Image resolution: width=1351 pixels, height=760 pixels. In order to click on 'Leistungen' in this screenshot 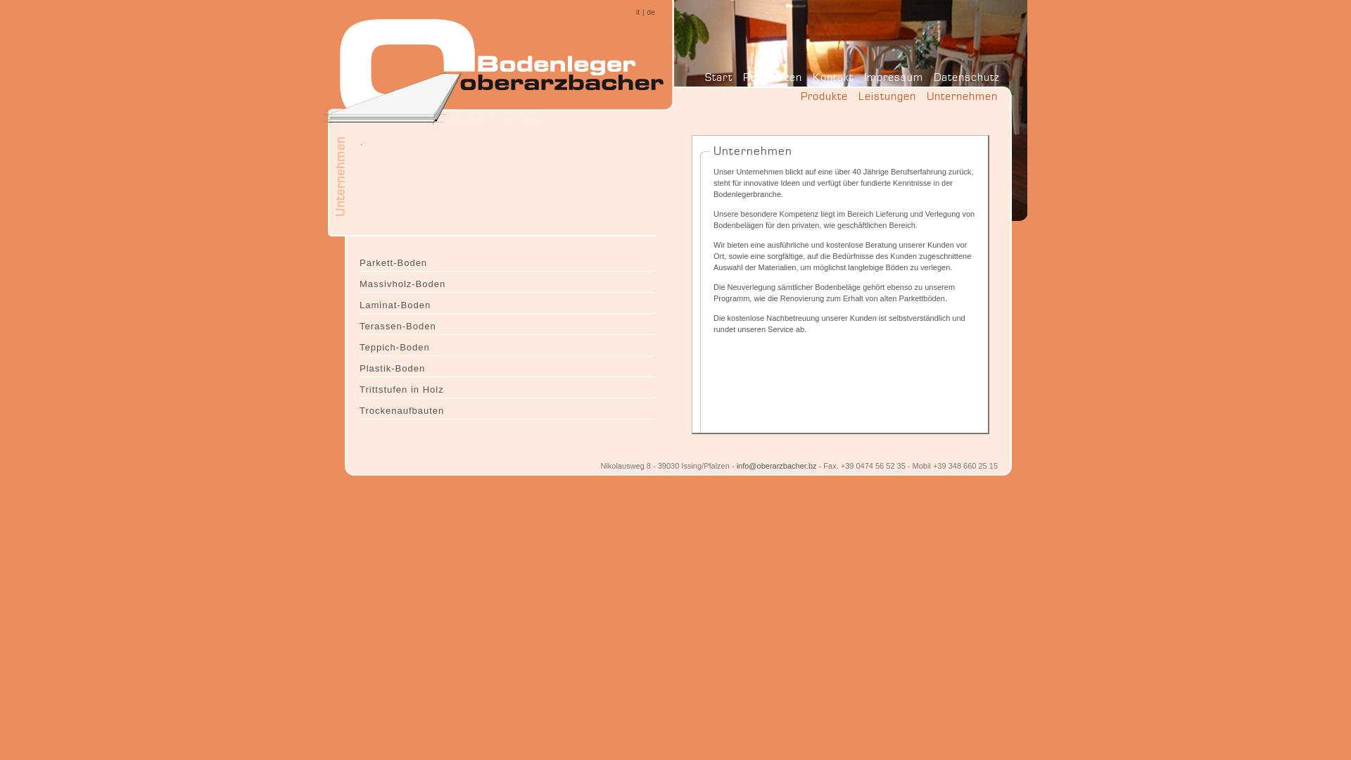, I will do `click(887, 99)`.